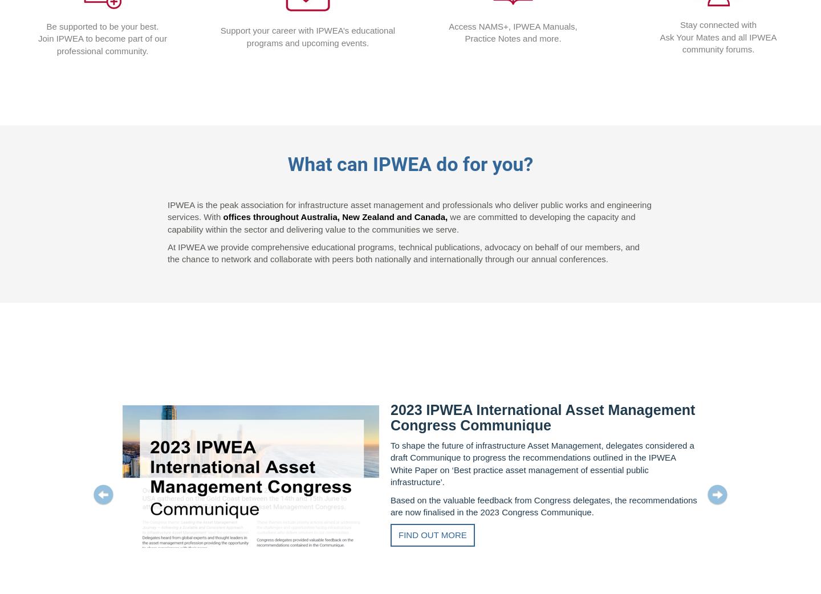 The width and height of the screenshot is (821, 594). What do you see at coordinates (409, 210) in the screenshot?
I see `'IPWEA is the peak association for infrastructure asset management and professionals who deliver public works and engineering services. With'` at bounding box center [409, 210].